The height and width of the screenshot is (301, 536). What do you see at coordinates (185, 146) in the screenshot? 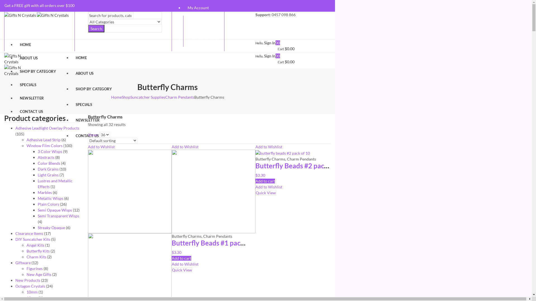
I see `'Add to Wishlist'` at bounding box center [185, 146].